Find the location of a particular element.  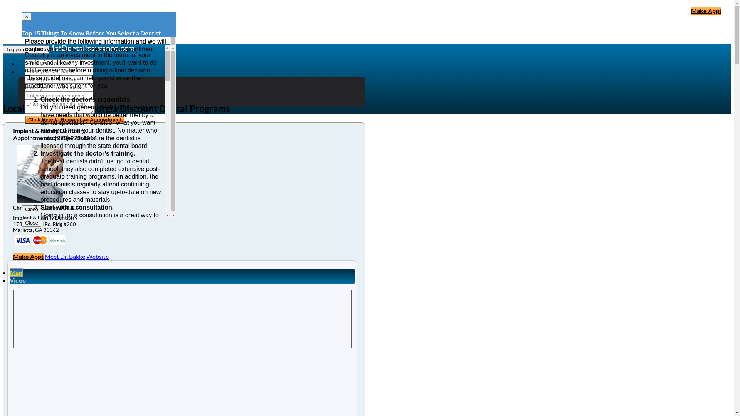

'Video' is located at coordinates (18, 280).